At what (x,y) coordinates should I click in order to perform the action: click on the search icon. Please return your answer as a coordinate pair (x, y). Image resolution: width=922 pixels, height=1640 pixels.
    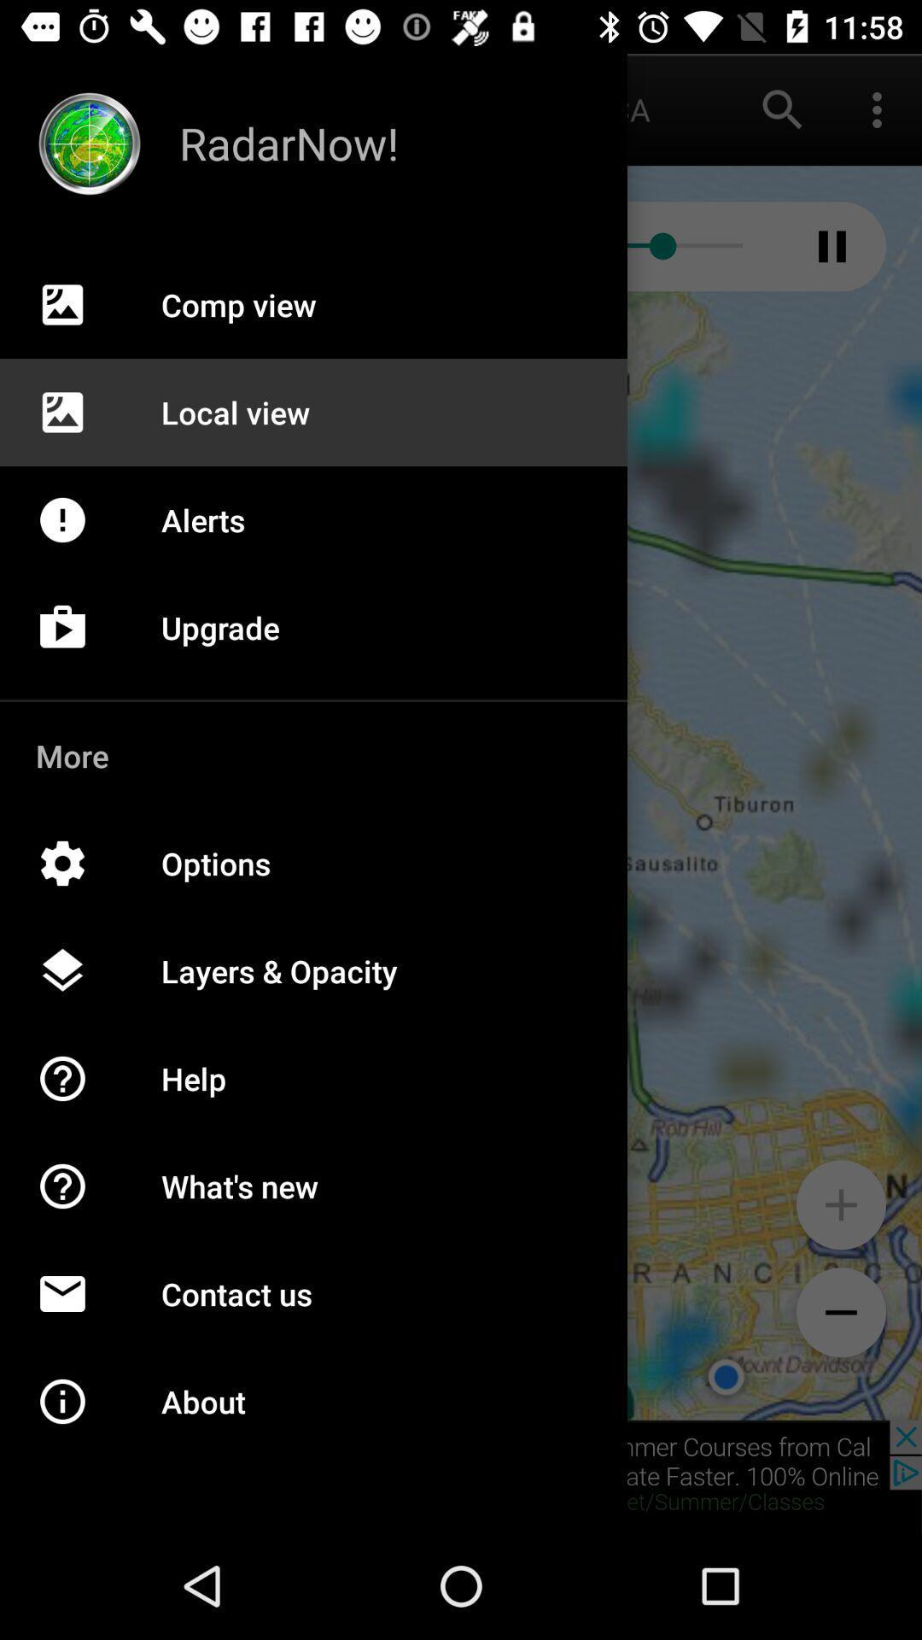
    Looking at the image, I should click on (783, 108).